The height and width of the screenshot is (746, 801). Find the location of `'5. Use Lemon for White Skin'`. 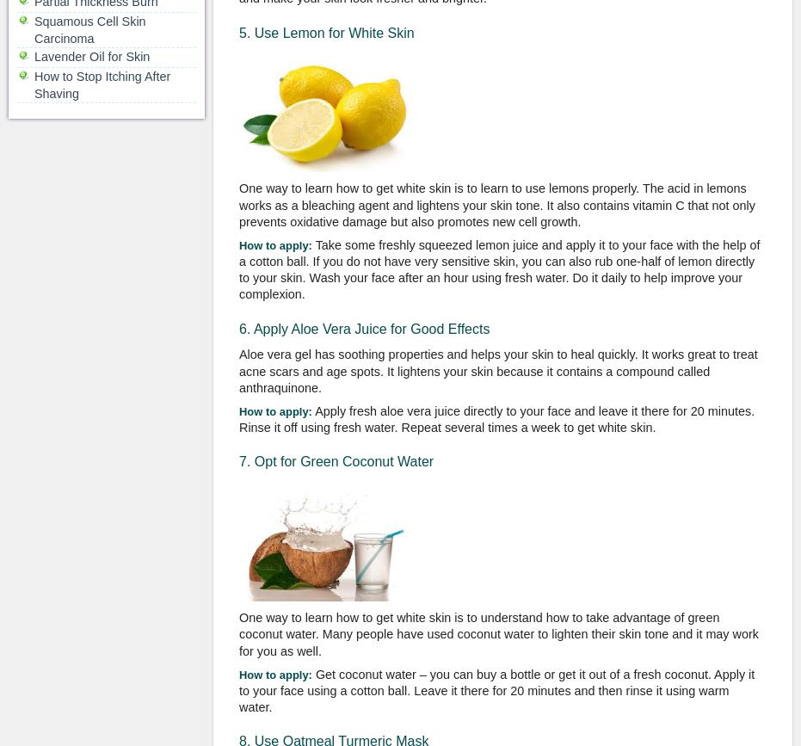

'5. Use Lemon for White Skin' is located at coordinates (326, 32).